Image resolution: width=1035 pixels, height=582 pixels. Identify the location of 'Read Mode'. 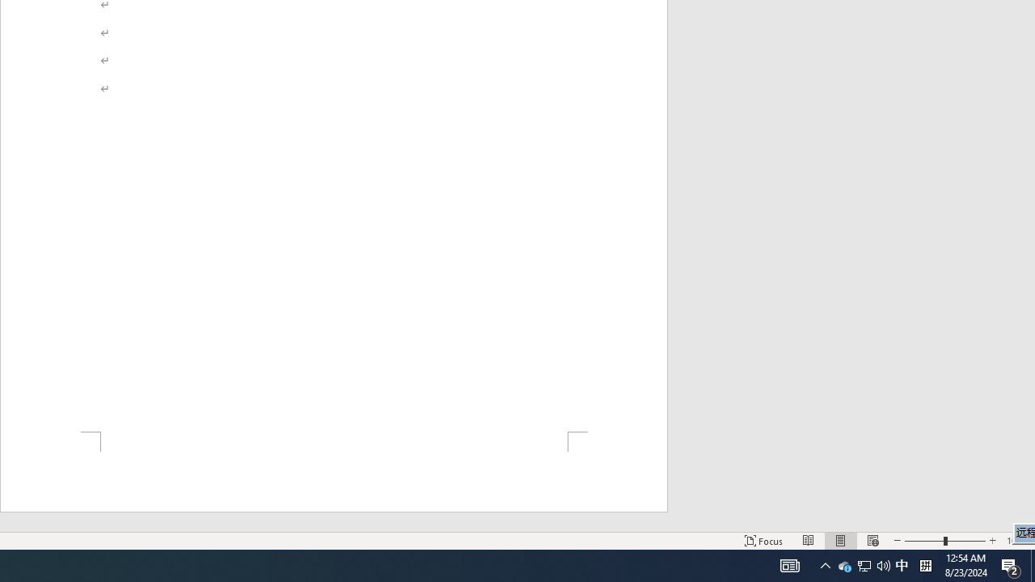
(809, 541).